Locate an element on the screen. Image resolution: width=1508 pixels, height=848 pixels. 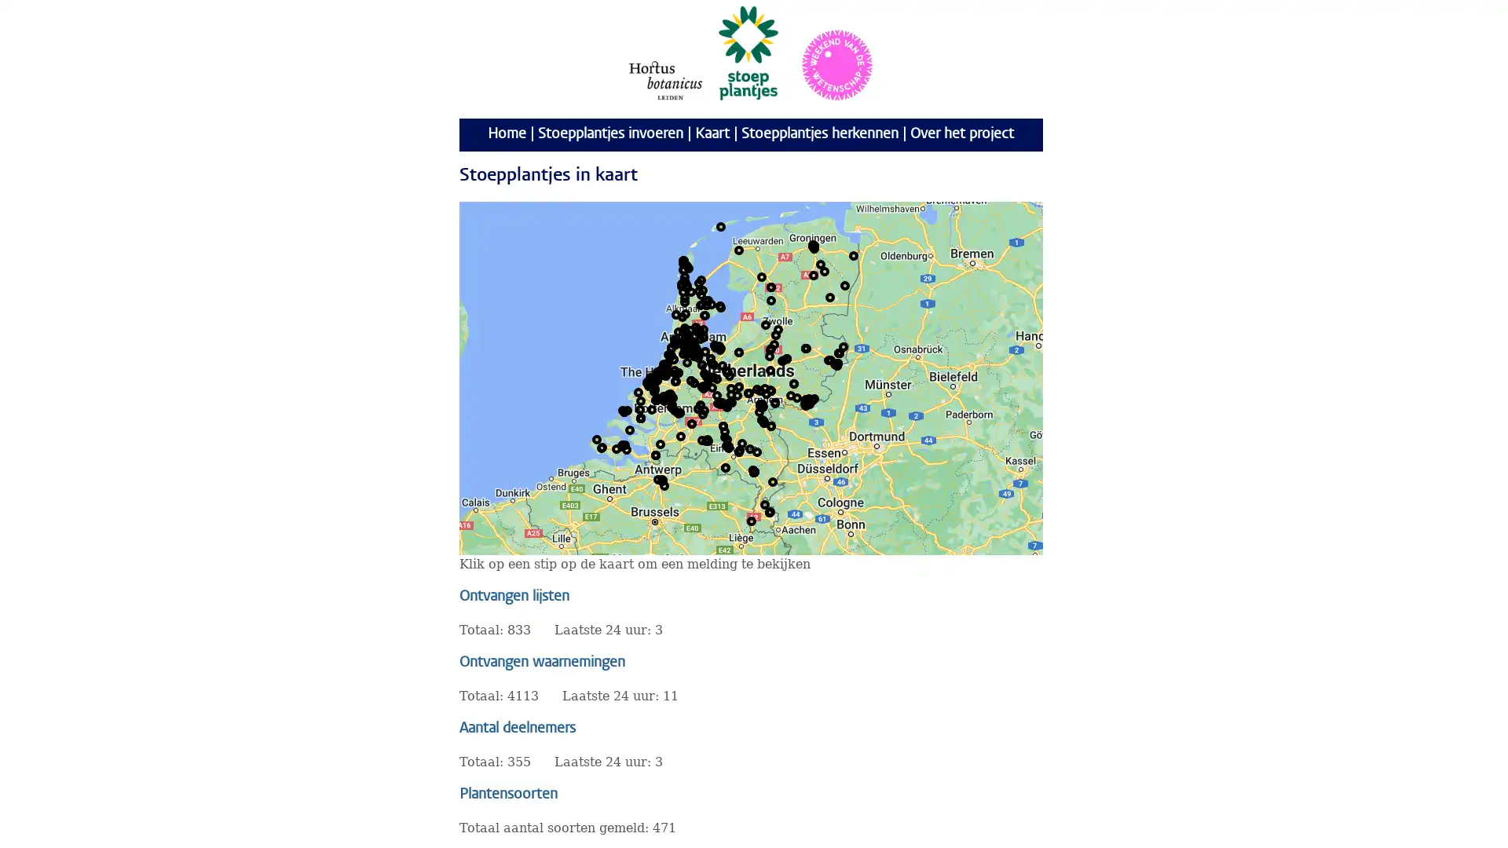
Telling van P op 19 oktober 2021 is located at coordinates (686, 344).